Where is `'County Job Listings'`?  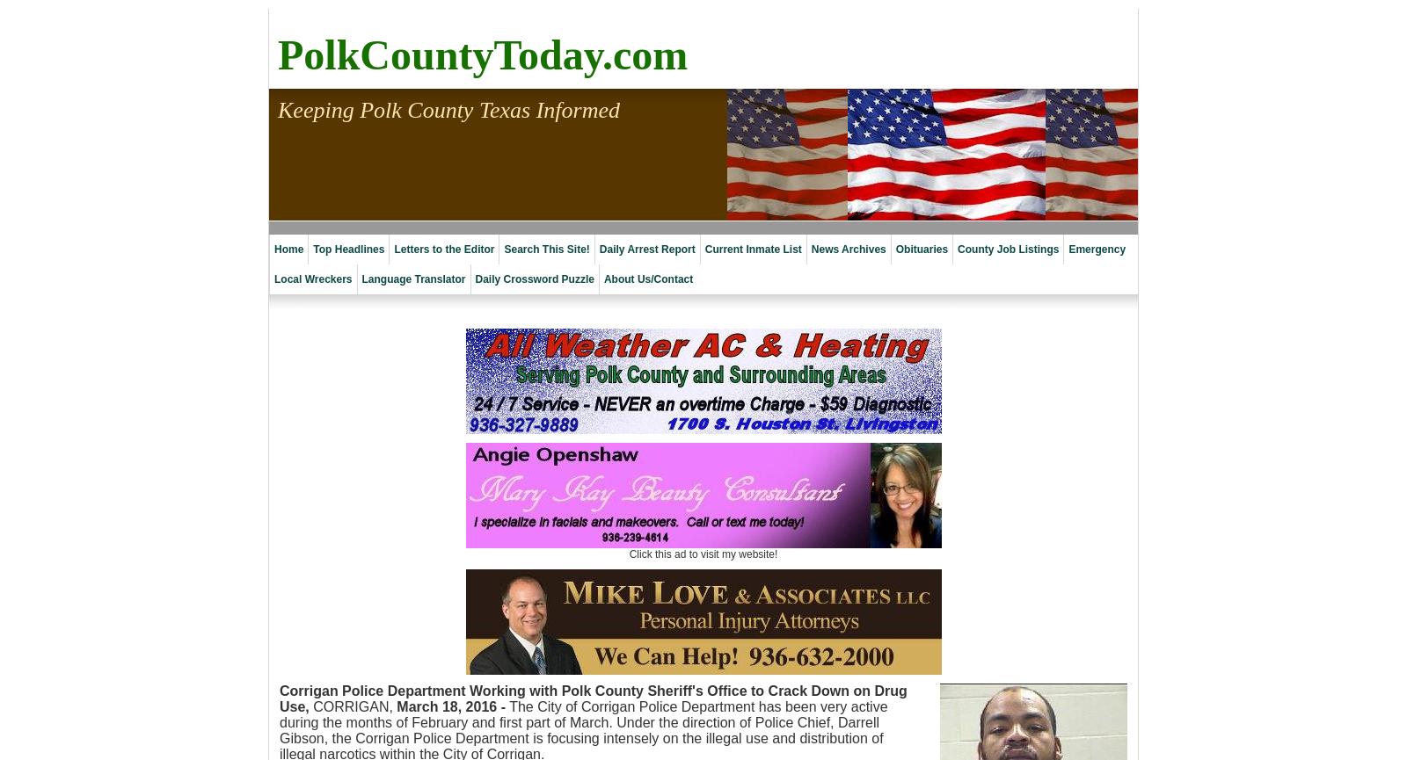 'County Job Listings' is located at coordinates (957, 248).